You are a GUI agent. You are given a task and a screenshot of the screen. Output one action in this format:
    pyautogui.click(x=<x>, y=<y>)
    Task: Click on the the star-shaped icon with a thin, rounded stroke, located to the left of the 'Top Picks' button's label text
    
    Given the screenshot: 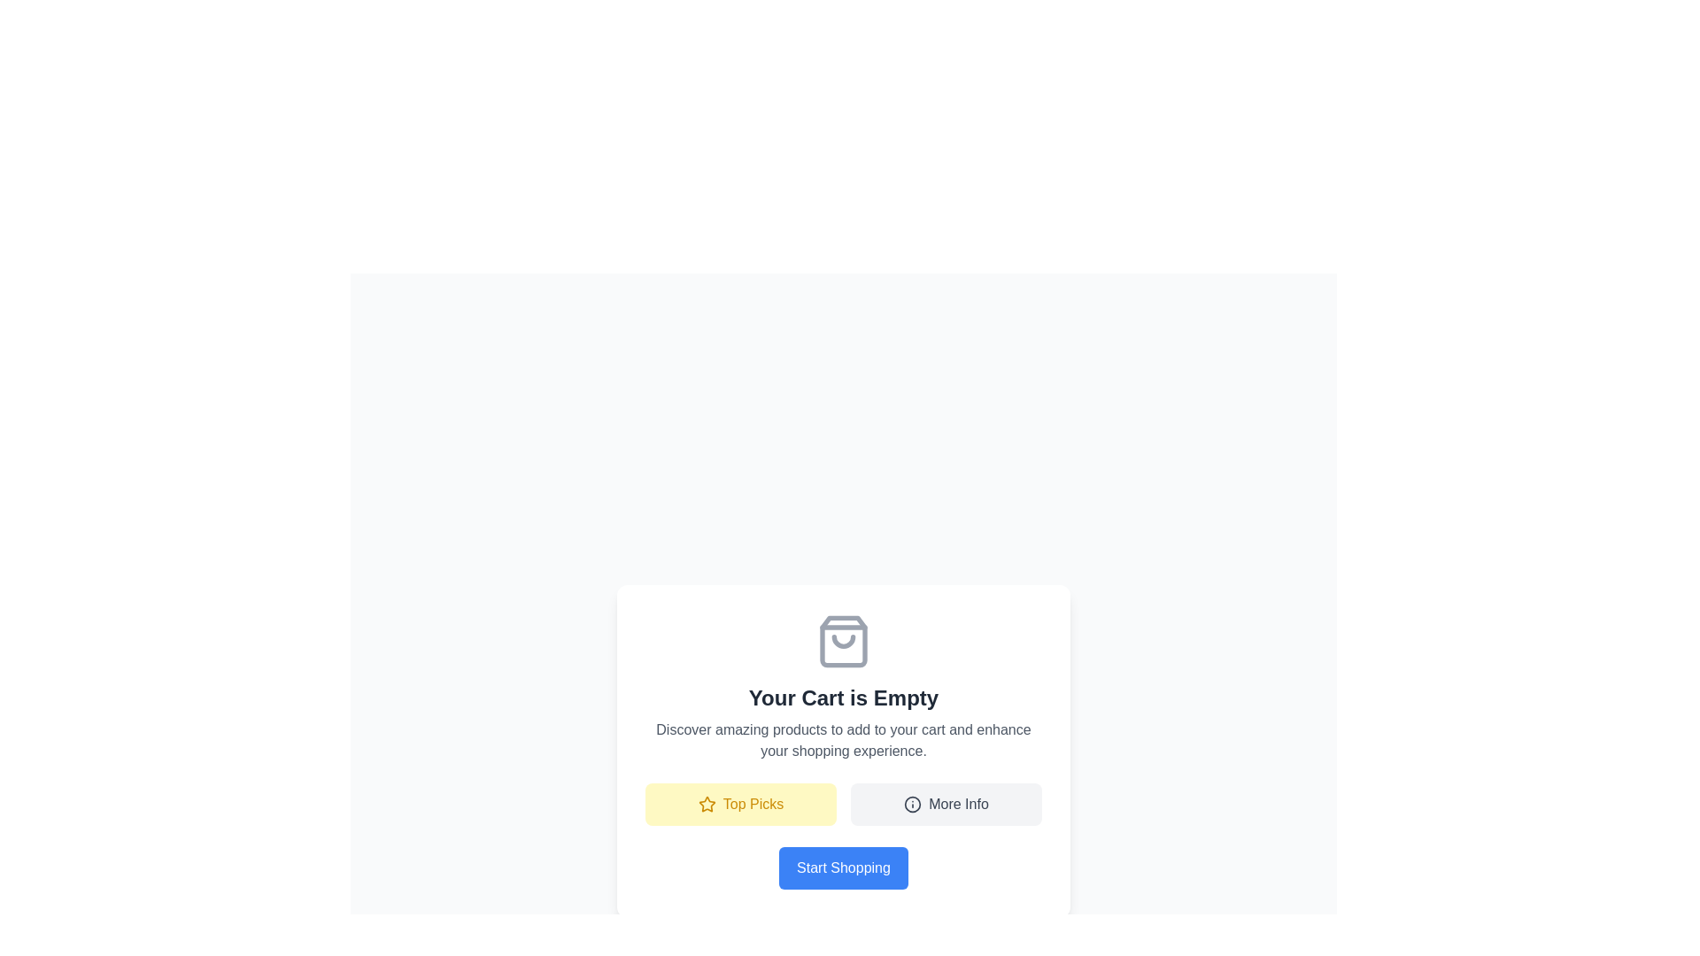 What is the action you would take?
    pyautogui.click(x=706, y=805)
    